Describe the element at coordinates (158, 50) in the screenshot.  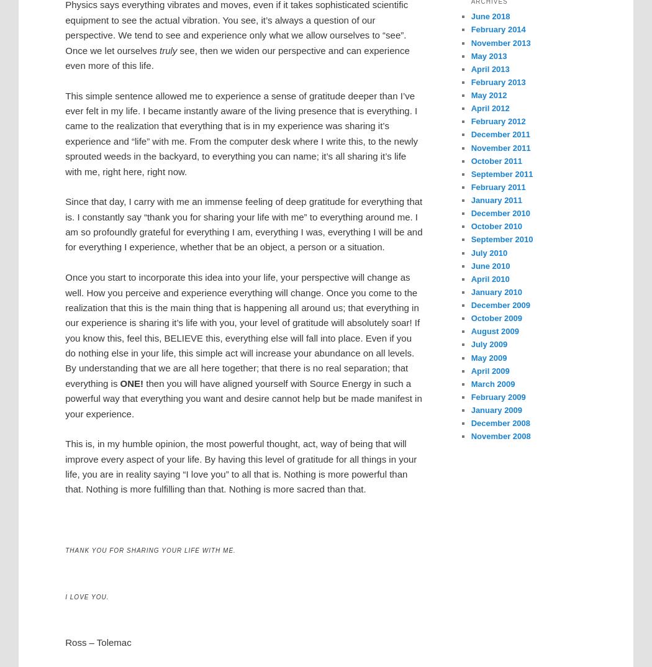
I see `'truly'` at that location.